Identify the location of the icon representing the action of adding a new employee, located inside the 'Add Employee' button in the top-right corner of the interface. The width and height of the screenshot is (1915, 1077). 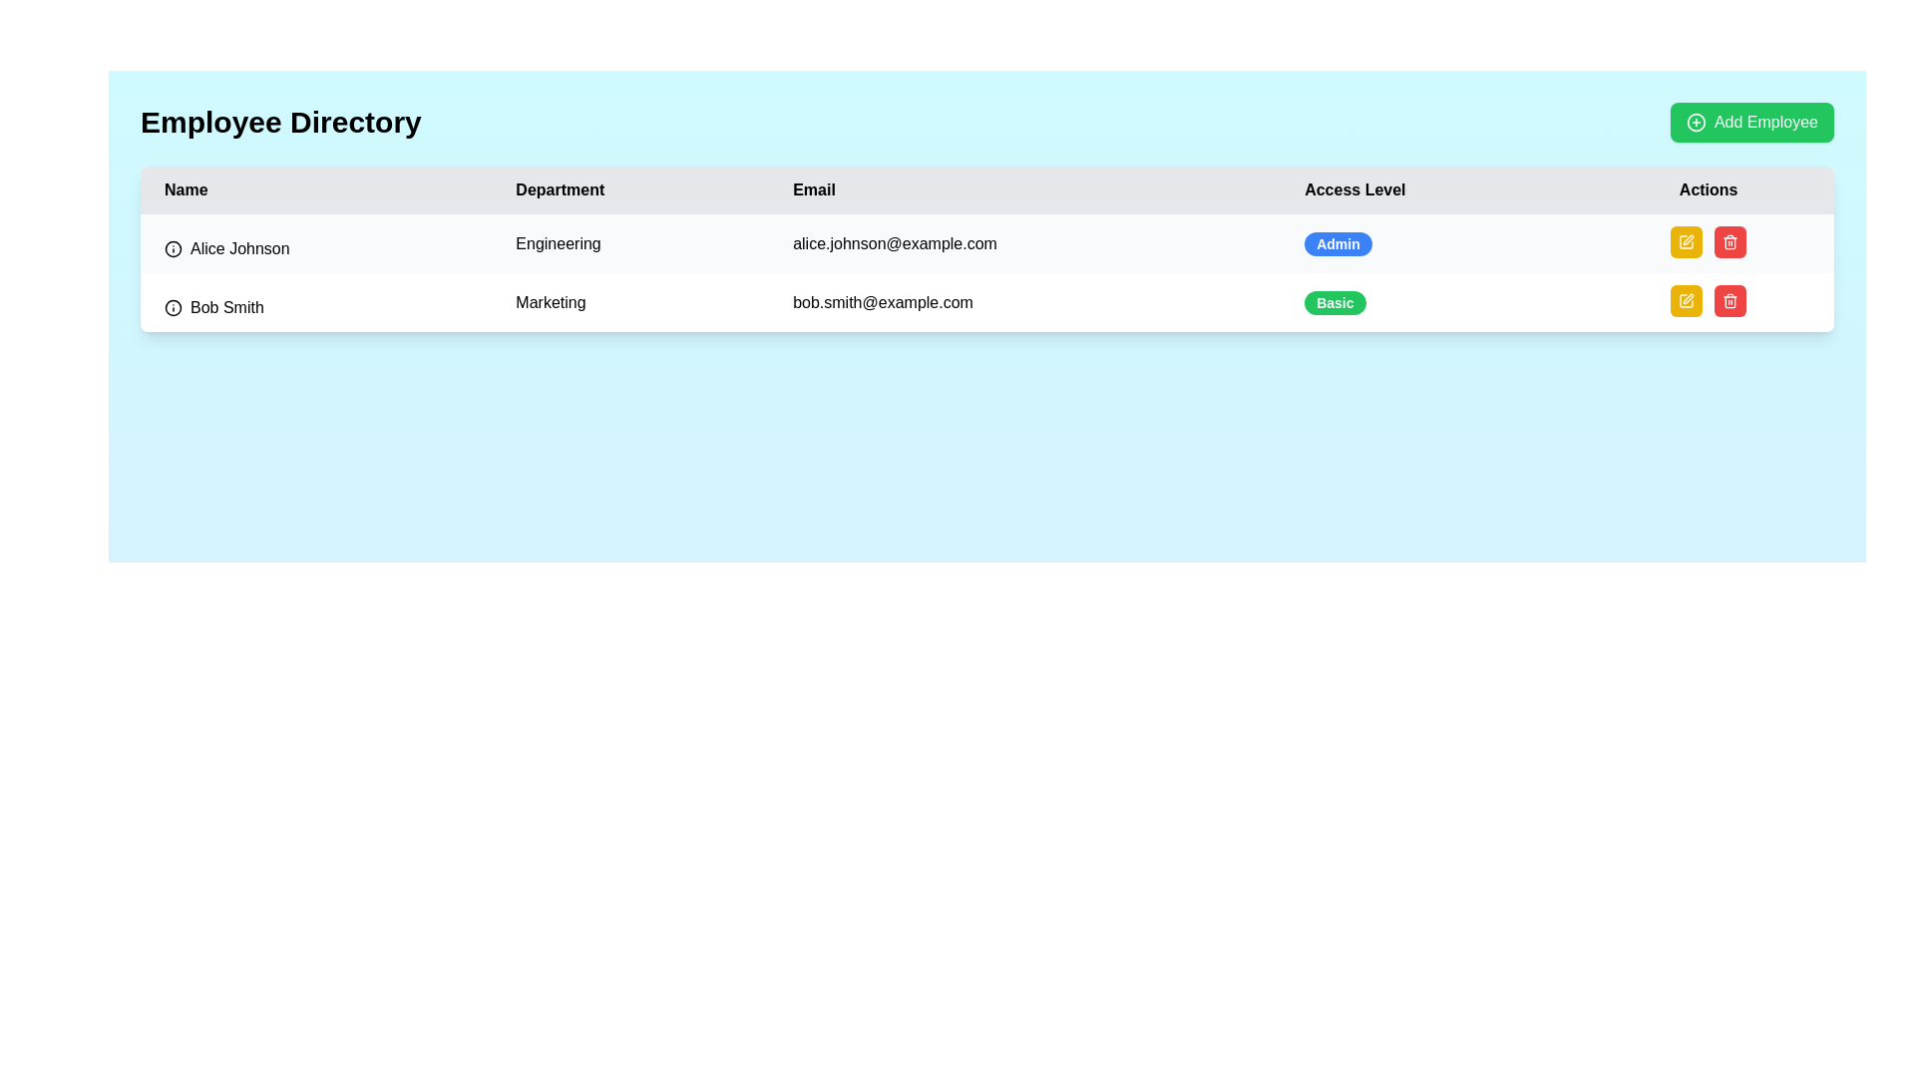
(1695, 123).